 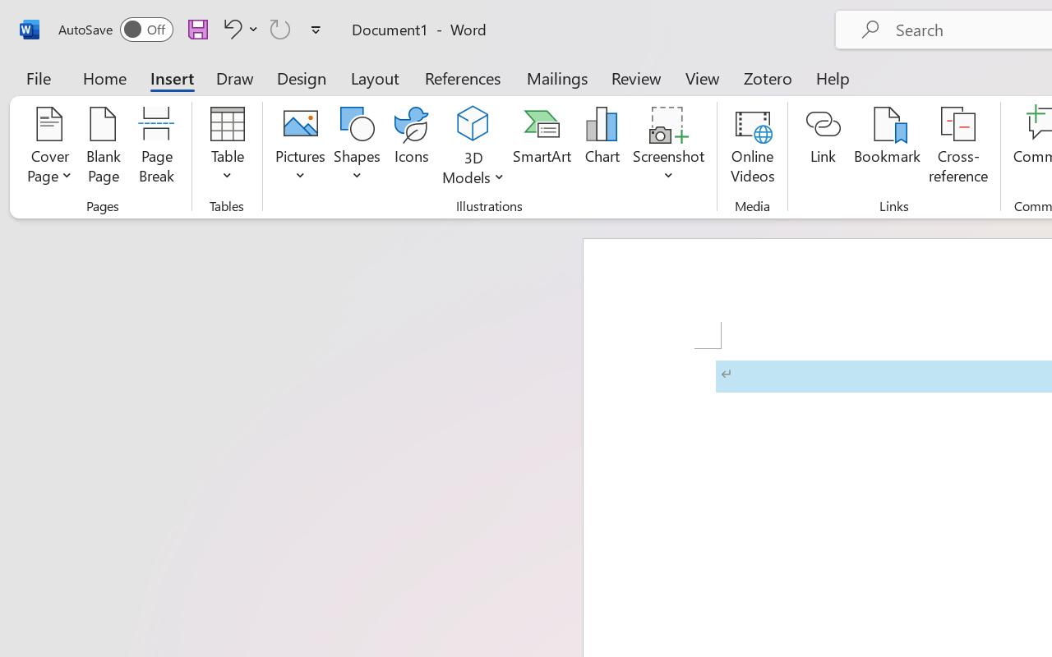 I want to click on 'Cover Page', so click(x=49, y=147).